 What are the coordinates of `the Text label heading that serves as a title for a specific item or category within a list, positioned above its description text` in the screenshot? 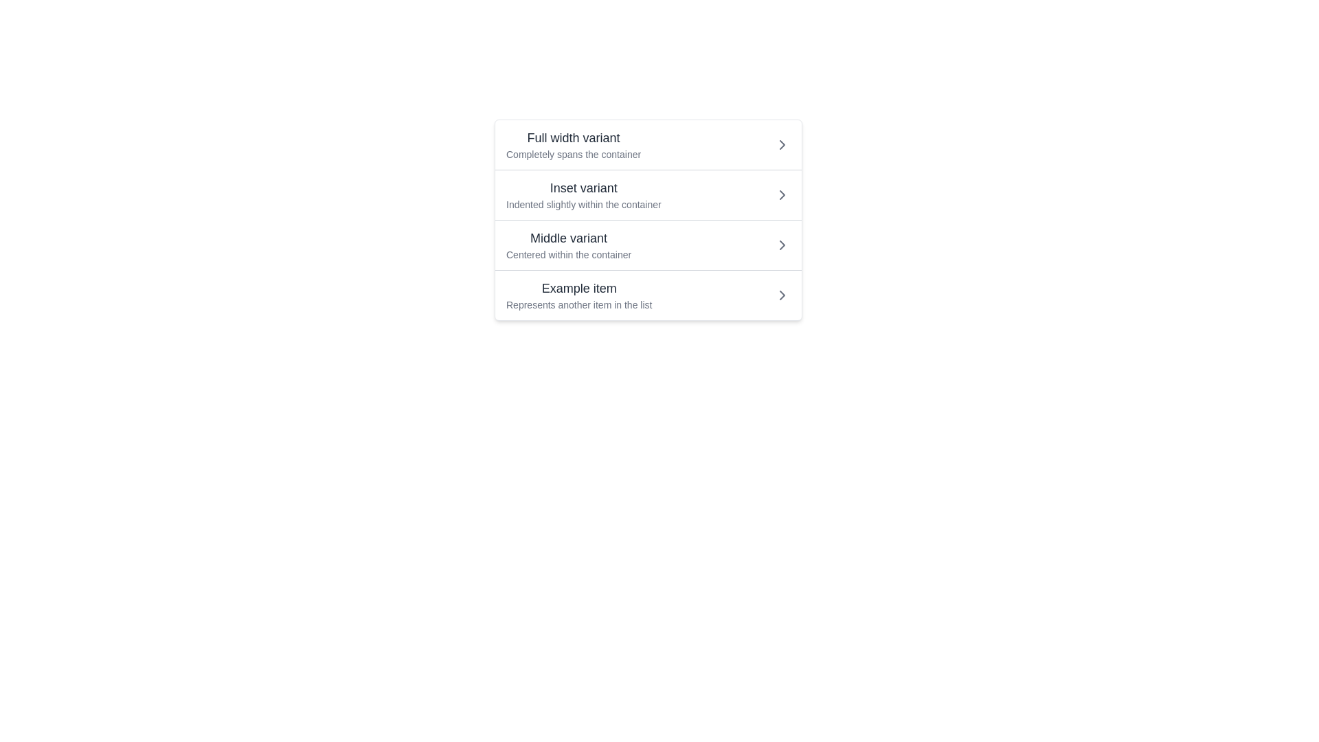 It's located at (583, 188).